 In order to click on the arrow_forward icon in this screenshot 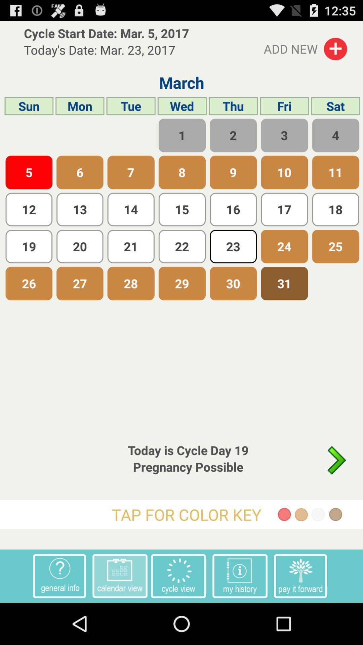, I will do `click(337, 492)`.